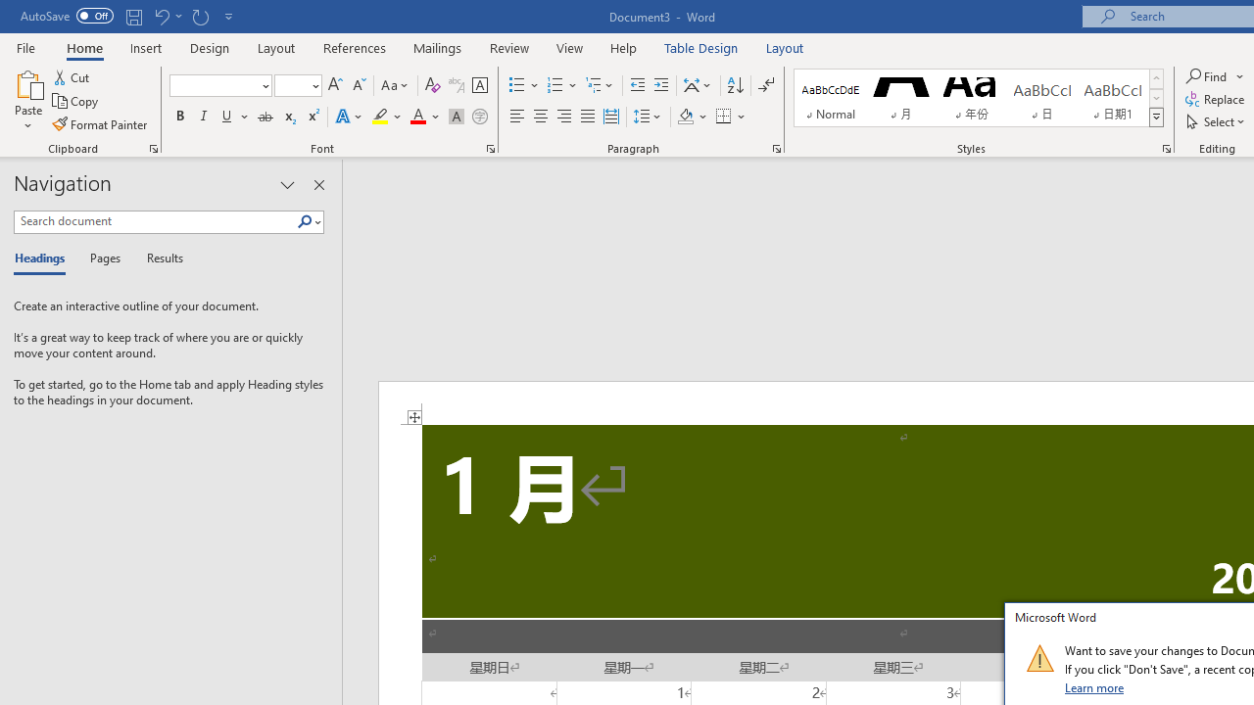 The height and width of the screenshot is (705, 1254). Describe the element at coordinates (455, 84) in the screenshot. I see `'Phonetic Guide...'` at that location.